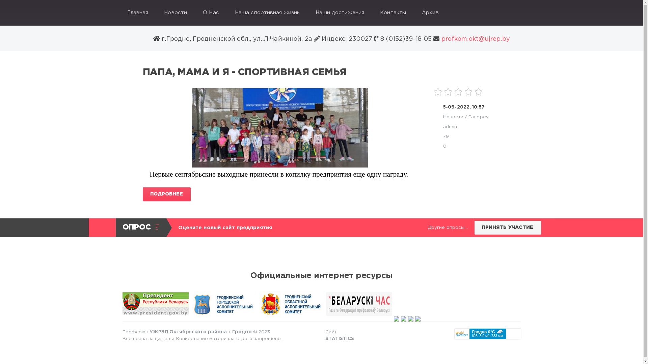 The image size is (648, 364). What do you see at coordinates (463, 107) in the screenshot?
I see `'5-09-2022, 10:57'` at bounding box center [463, 107].